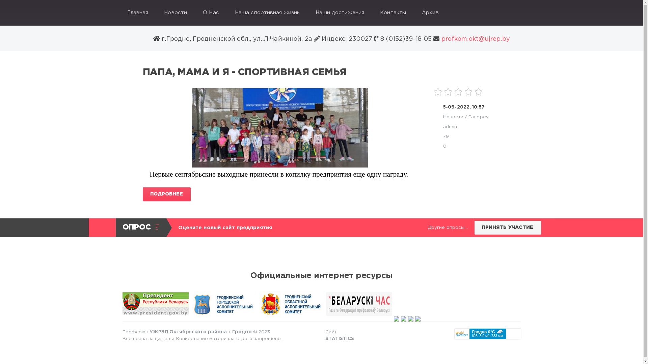 The image size is (648, 364). What do you see at coordinates (463, 107) in the screenshot?
I see `'5-09-2022, 10:57'` at bounding box center [463, 107].